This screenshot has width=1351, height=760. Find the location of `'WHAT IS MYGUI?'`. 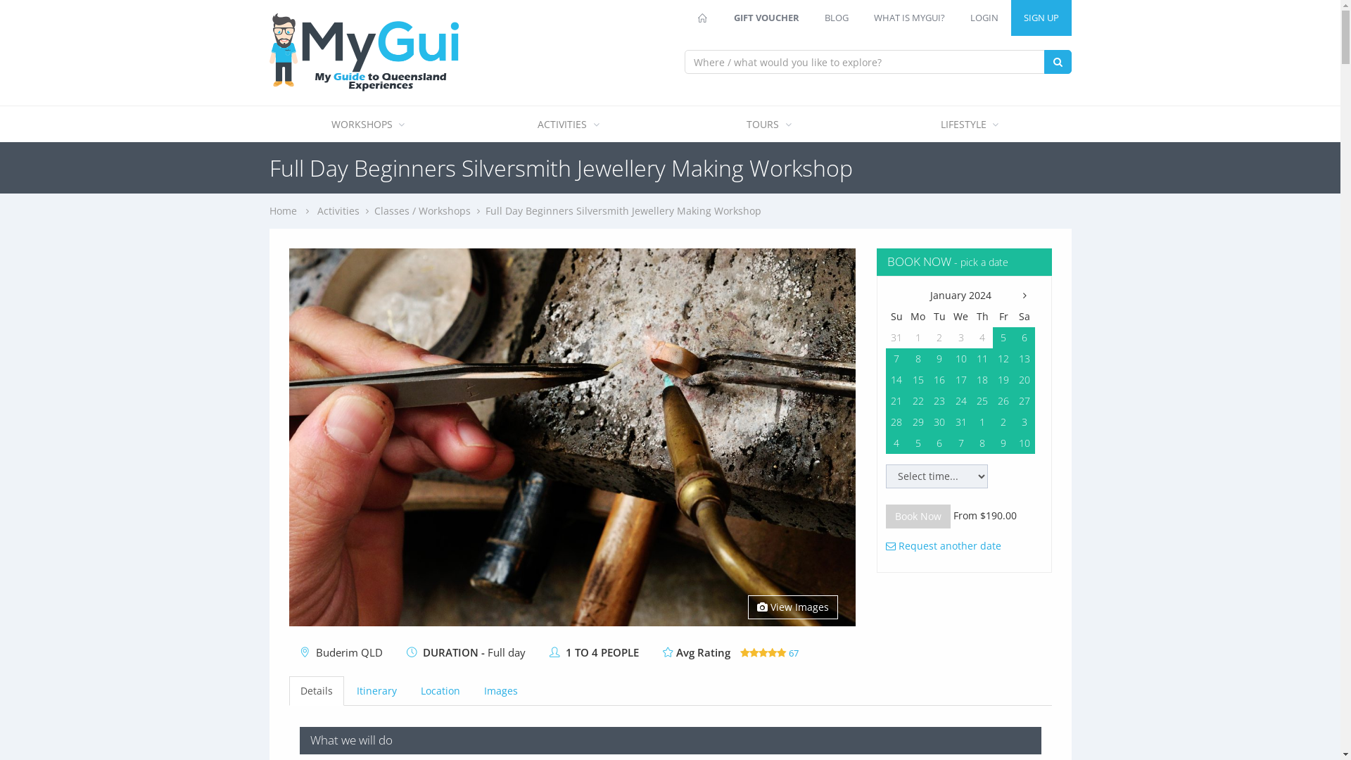

'WHAT IS MYGUI?' is located at coordinates (909, 18).